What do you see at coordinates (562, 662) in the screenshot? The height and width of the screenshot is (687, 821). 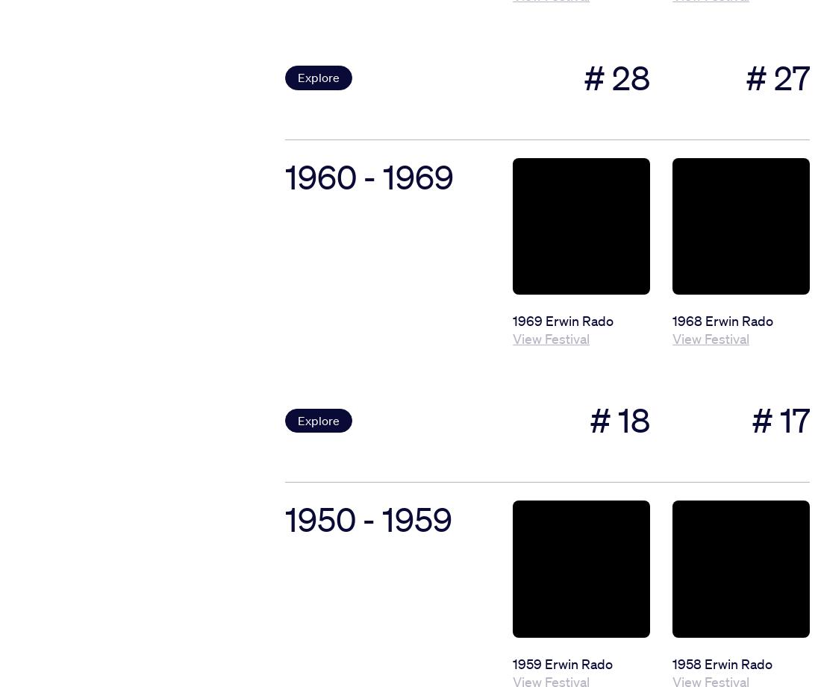 I see `'1959 Erwin Rado'` at bounding box center [562, 662].